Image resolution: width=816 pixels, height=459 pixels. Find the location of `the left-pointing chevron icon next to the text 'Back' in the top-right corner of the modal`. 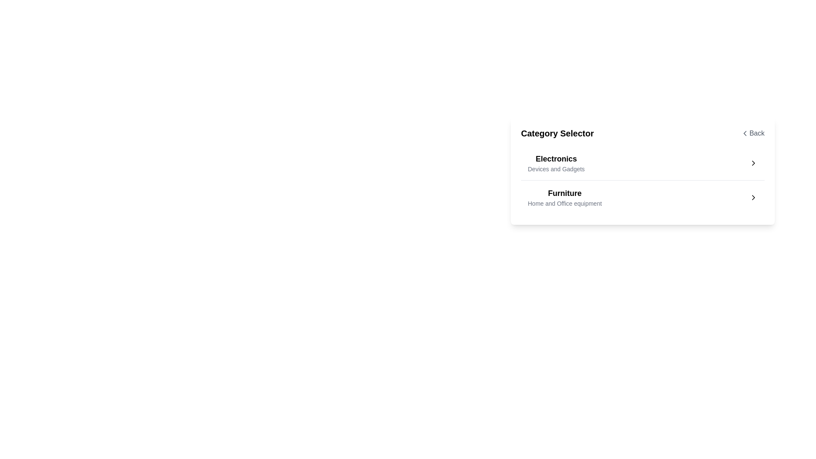

the left-pointing chevron icon next to the text 'Back' in the top-right corner of the modal is located at coordinates (745, 133).